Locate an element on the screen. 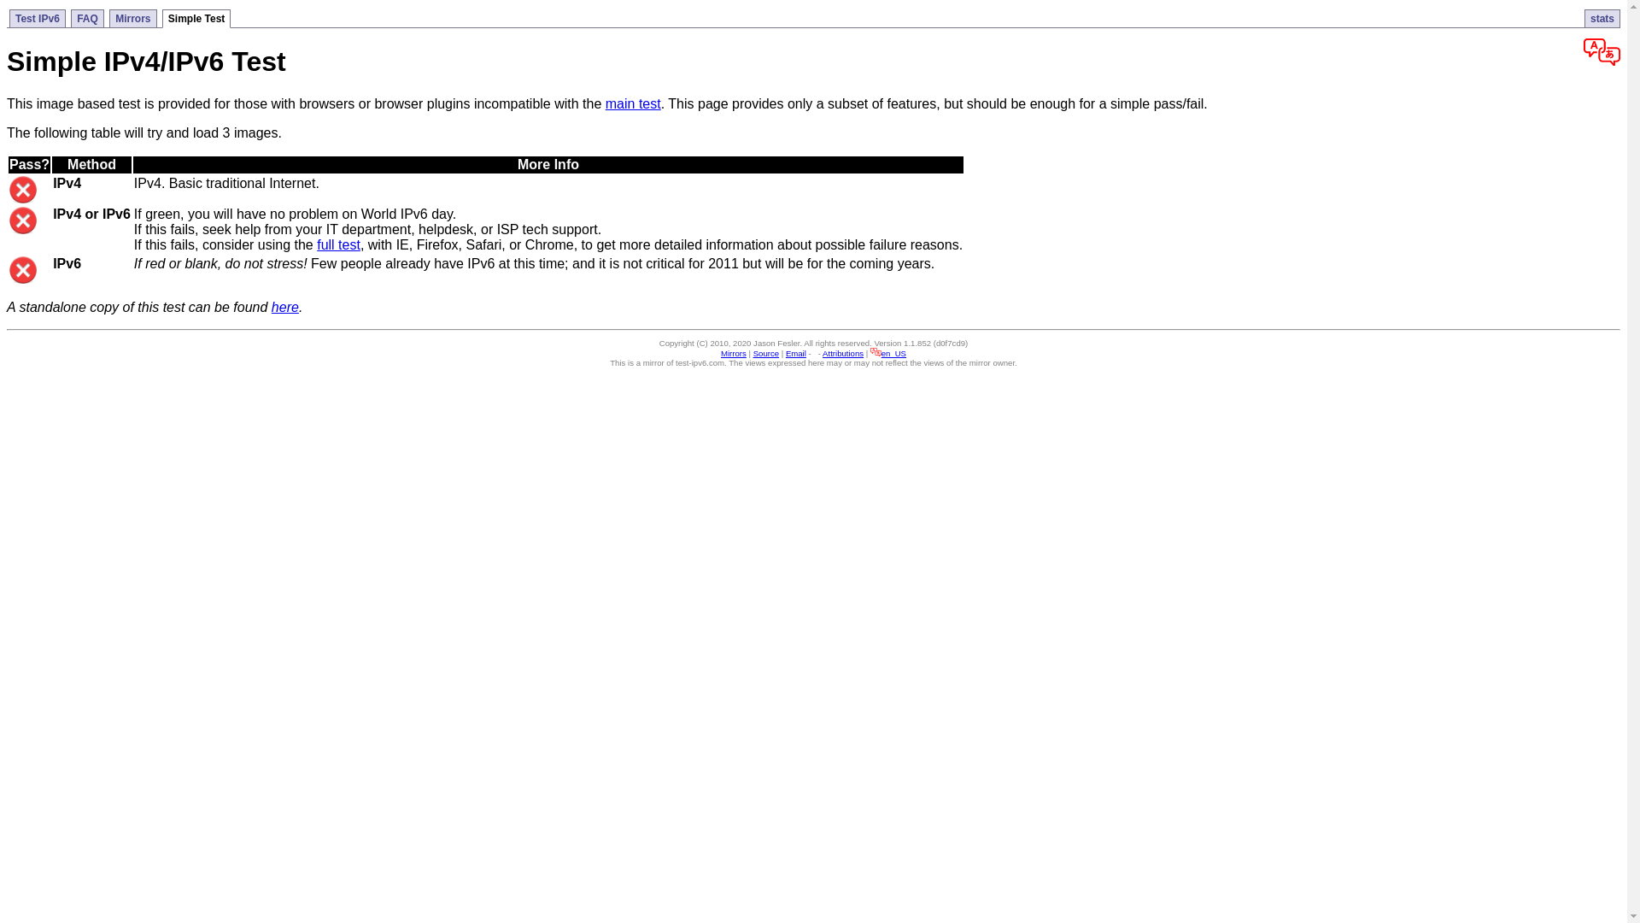  'Email' is located at coordinates (794, 352).